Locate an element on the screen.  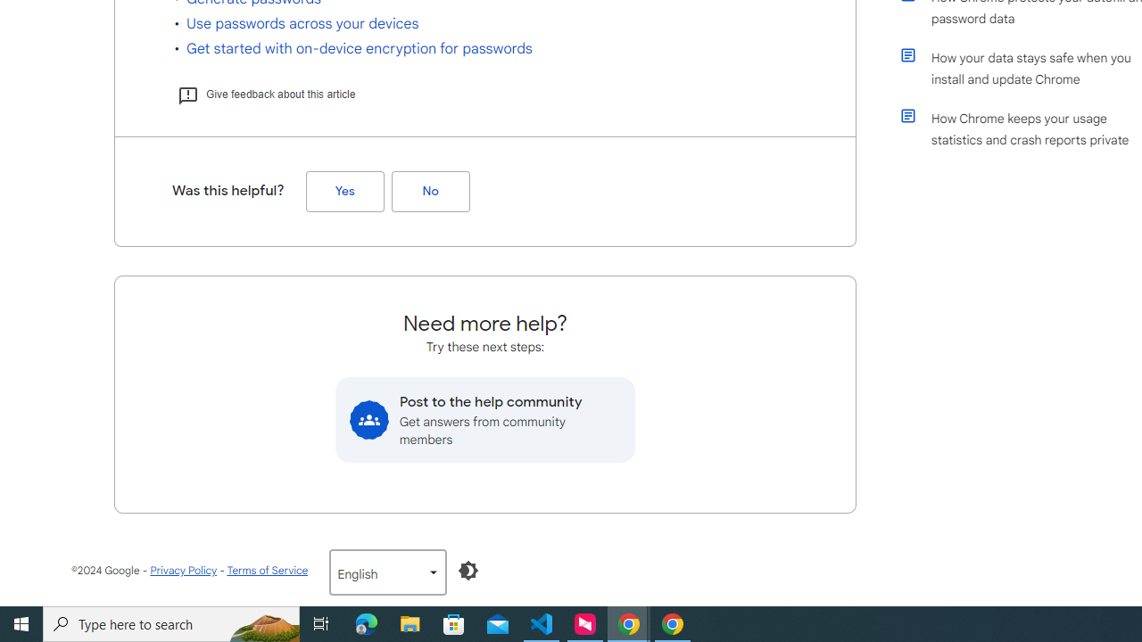
'No (Was this helpful?)' is located at coordinates (430, 192).